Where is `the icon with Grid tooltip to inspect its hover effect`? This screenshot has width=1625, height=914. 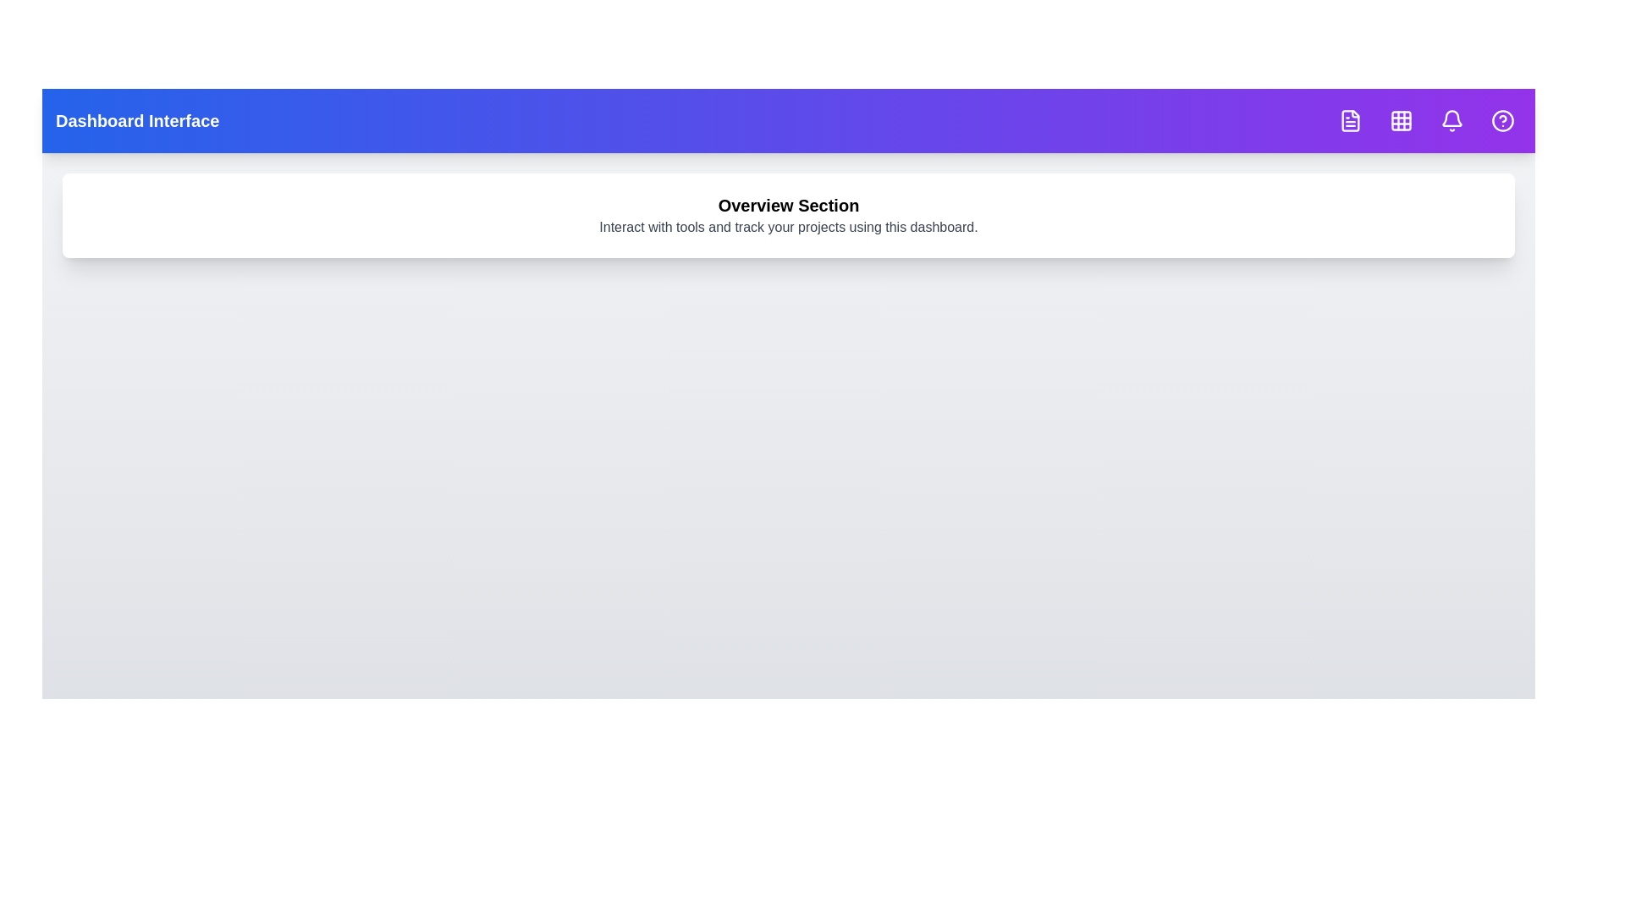 the icon with Grid tooltip to inspect its hover effect is located at coordinates (1402, 119).